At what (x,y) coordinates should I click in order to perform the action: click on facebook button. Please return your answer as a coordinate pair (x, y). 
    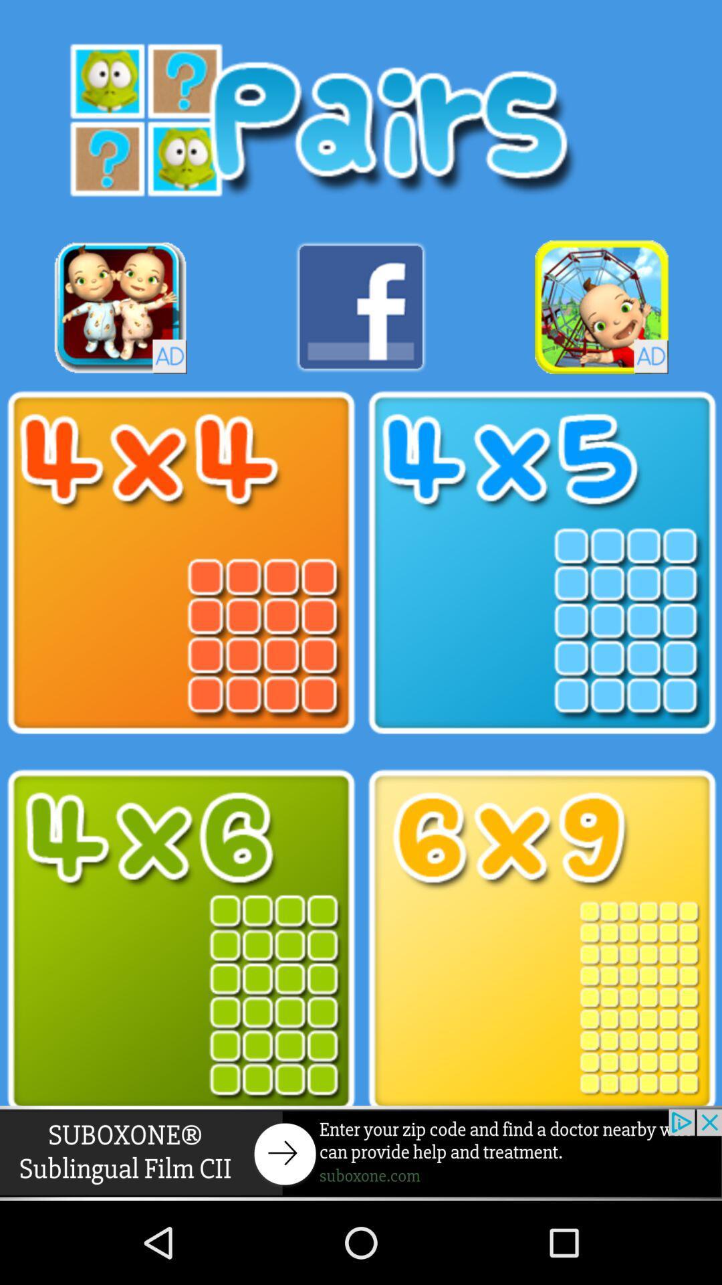
    Looking at the image, I should click on (361, 307).